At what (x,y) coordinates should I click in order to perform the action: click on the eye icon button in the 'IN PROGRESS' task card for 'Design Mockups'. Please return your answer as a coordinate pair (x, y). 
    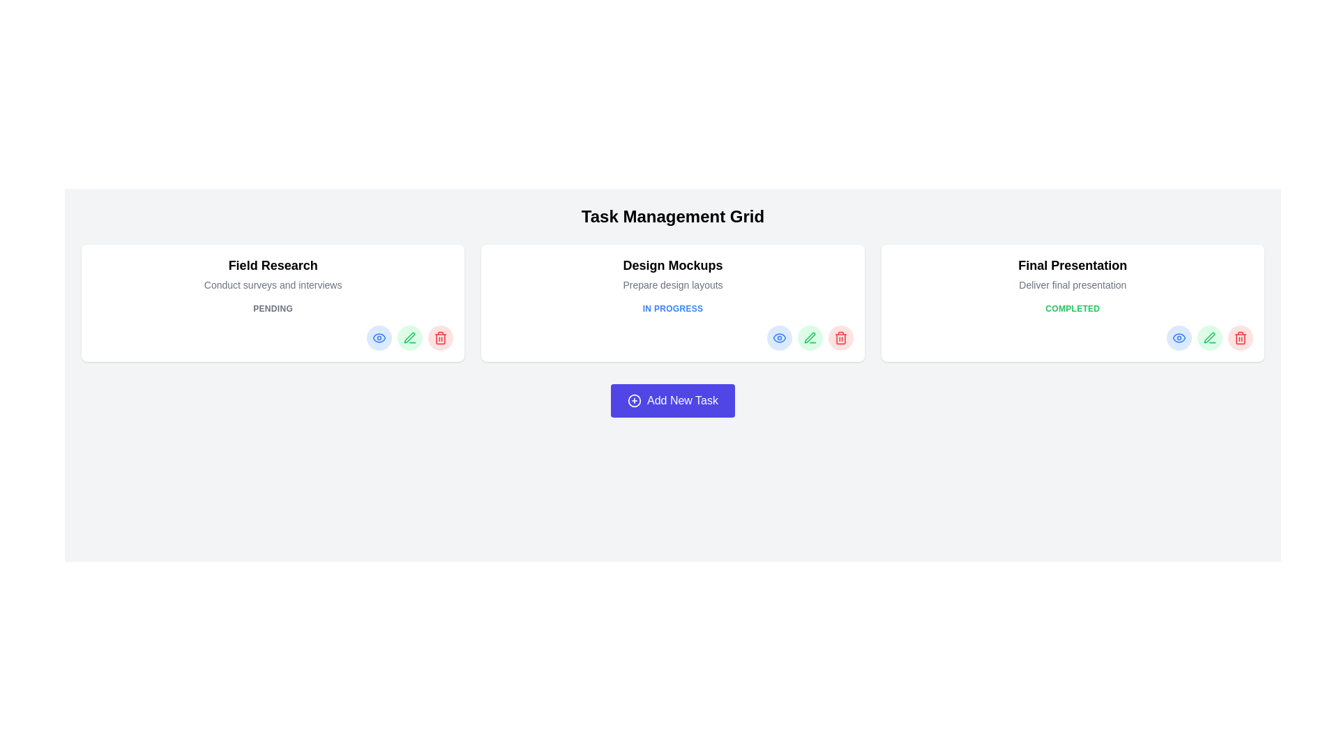
    Looking at the image, I should click on (778, 338).